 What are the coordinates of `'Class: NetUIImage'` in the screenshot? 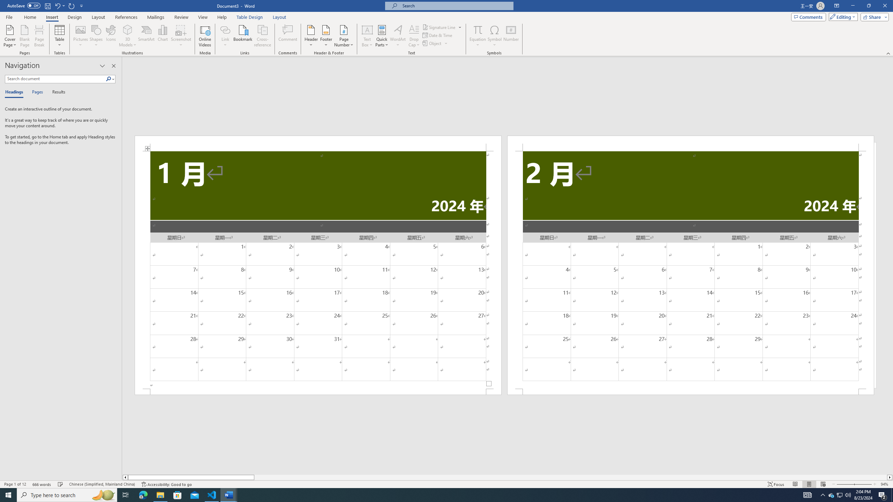 It's located at (108, 78).